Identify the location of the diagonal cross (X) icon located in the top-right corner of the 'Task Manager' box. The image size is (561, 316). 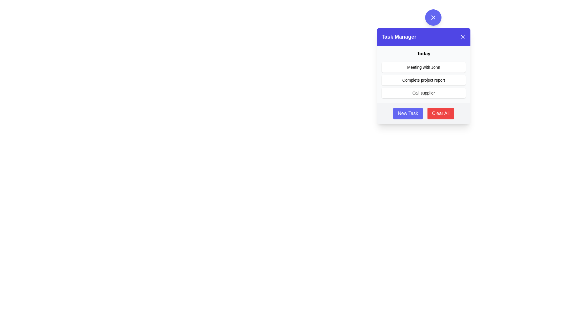
(433, 17).